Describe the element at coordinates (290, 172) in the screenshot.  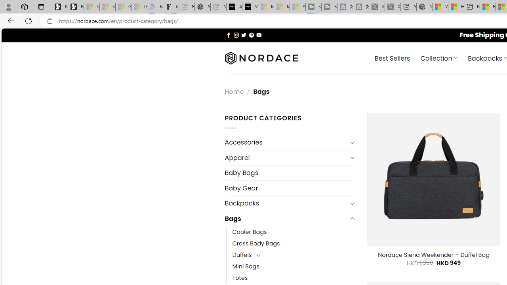
I see `'Baby Bags'` at that location.